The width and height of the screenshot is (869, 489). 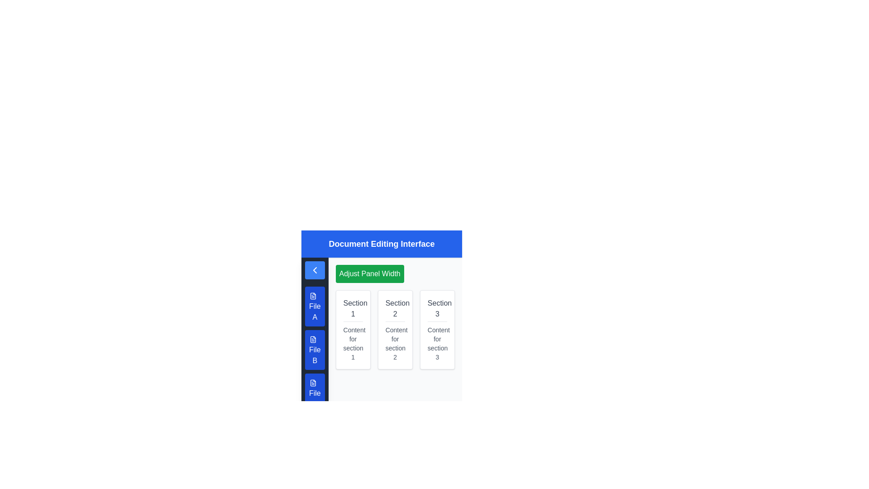 What do you see at coordinates (315, 349) in the screenshot?
I see `the second button in the vertical stack on the left side of the panel` at bounding box center [315, 349].